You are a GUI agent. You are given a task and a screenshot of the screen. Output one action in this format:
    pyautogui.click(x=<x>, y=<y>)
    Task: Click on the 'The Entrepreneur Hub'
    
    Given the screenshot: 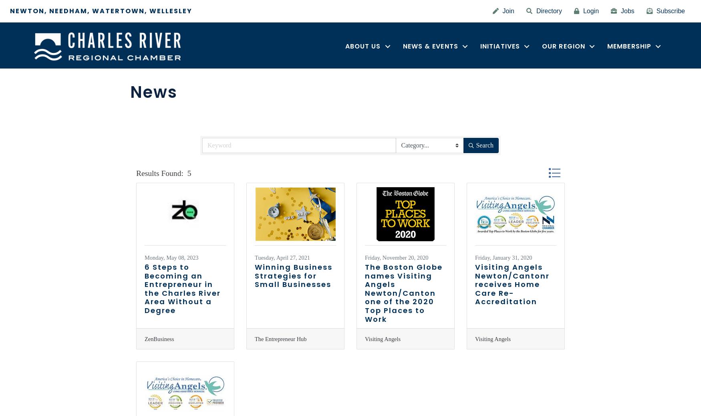 What is the action you would take?
    pyautogui.click(x=280, y=339)
    